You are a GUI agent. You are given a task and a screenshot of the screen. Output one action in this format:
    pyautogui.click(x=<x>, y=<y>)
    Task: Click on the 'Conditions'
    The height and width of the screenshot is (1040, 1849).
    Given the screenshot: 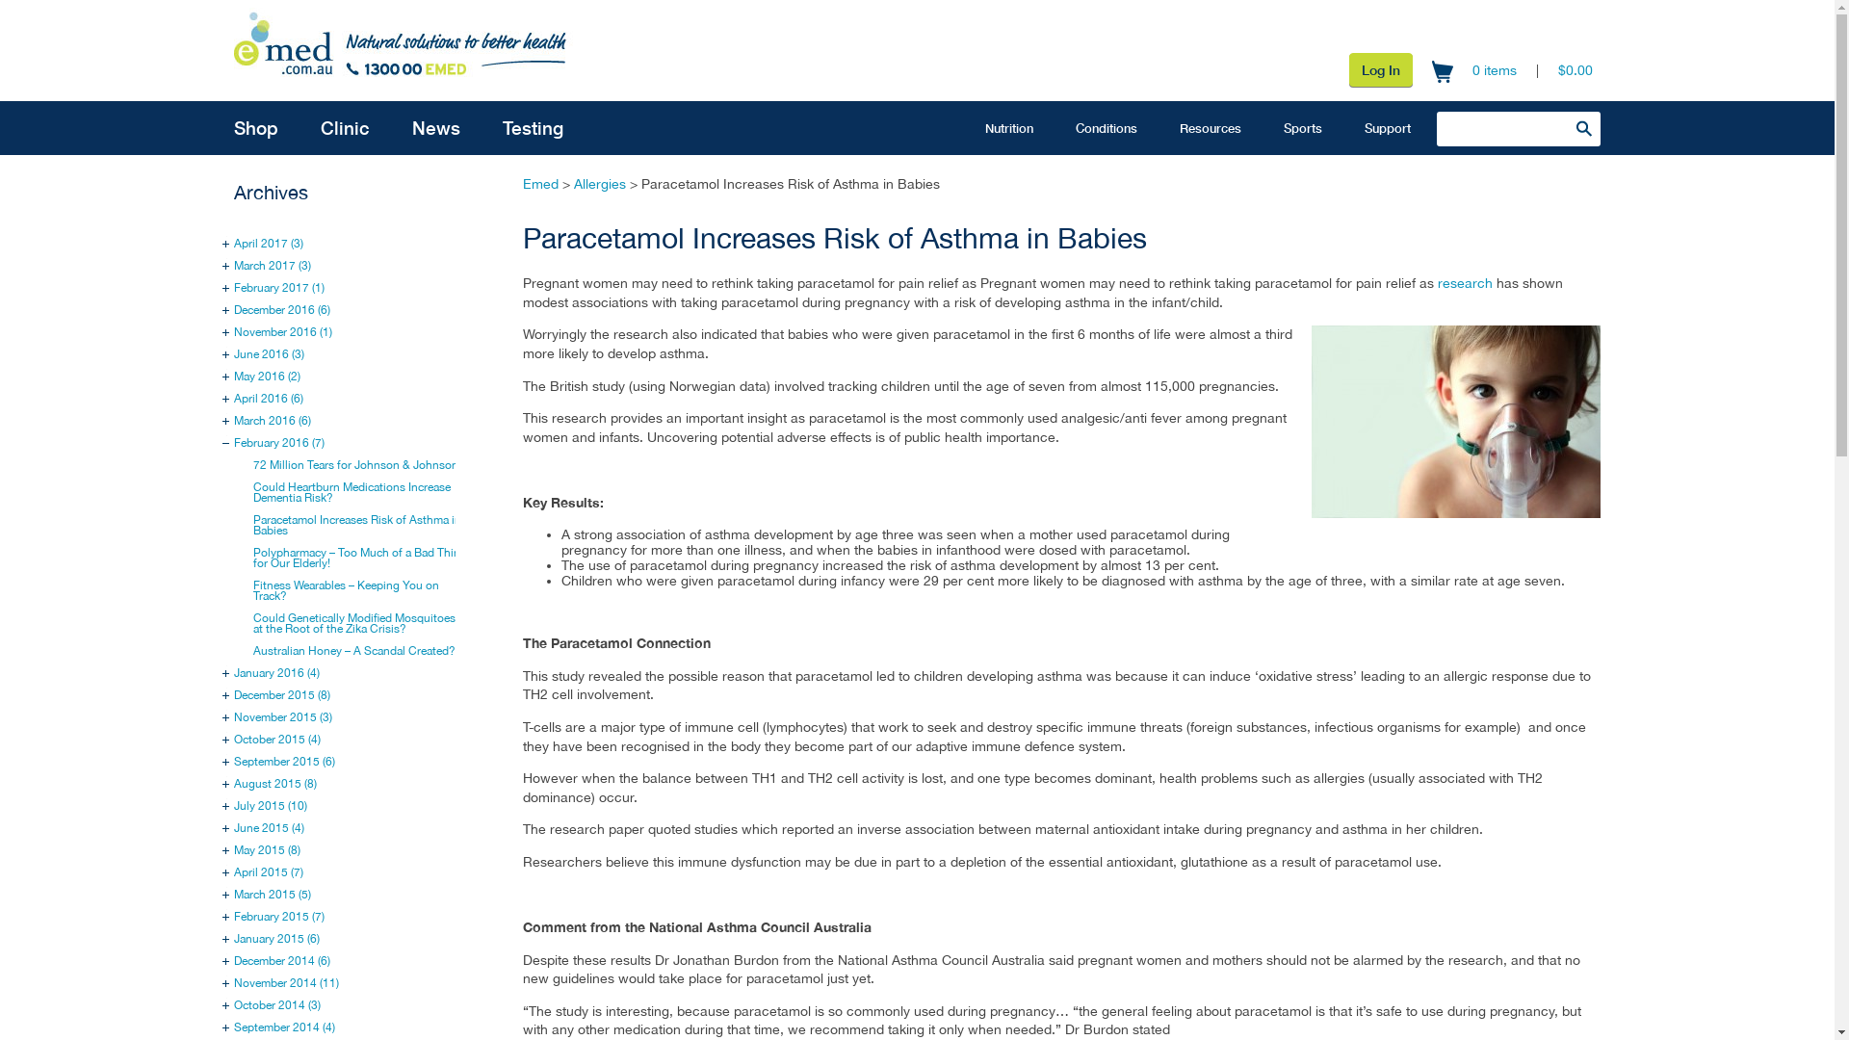 What is the action you would take?
    pyautogui.click(x=1106, y=127)
    